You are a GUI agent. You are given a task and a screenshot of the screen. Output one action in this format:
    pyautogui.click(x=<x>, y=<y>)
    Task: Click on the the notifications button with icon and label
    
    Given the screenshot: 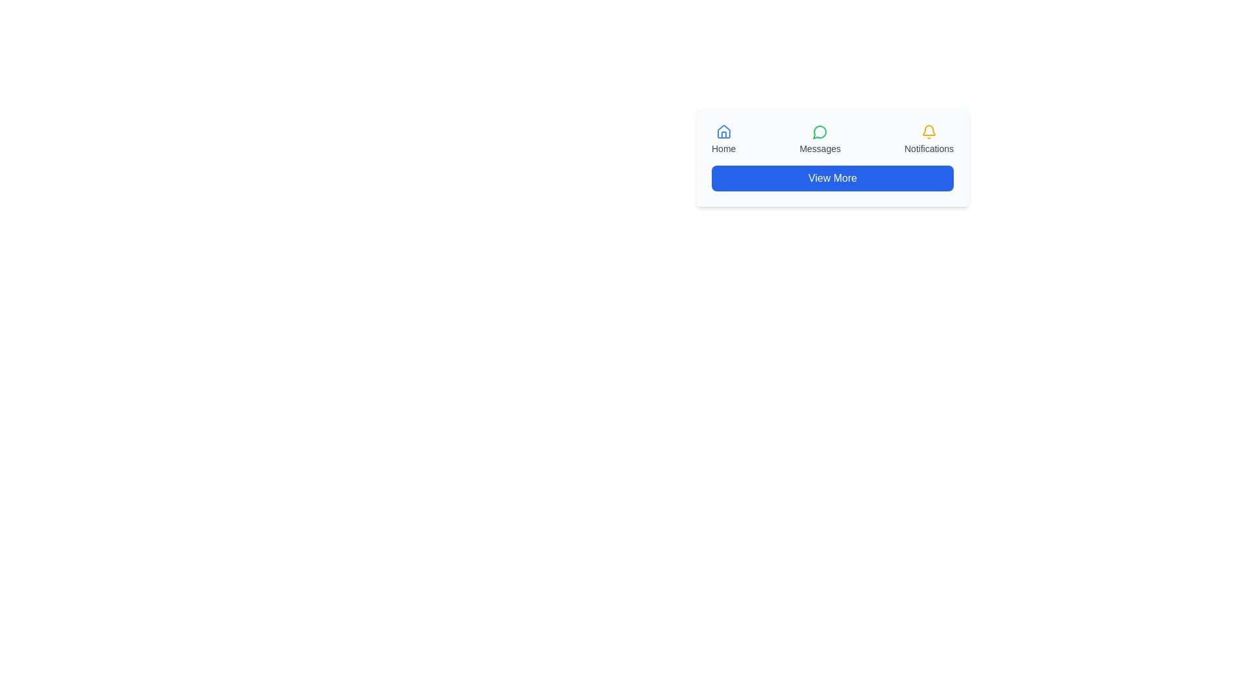 What is the action you would take?
    pyautogui.click(x=928, y=139)
    